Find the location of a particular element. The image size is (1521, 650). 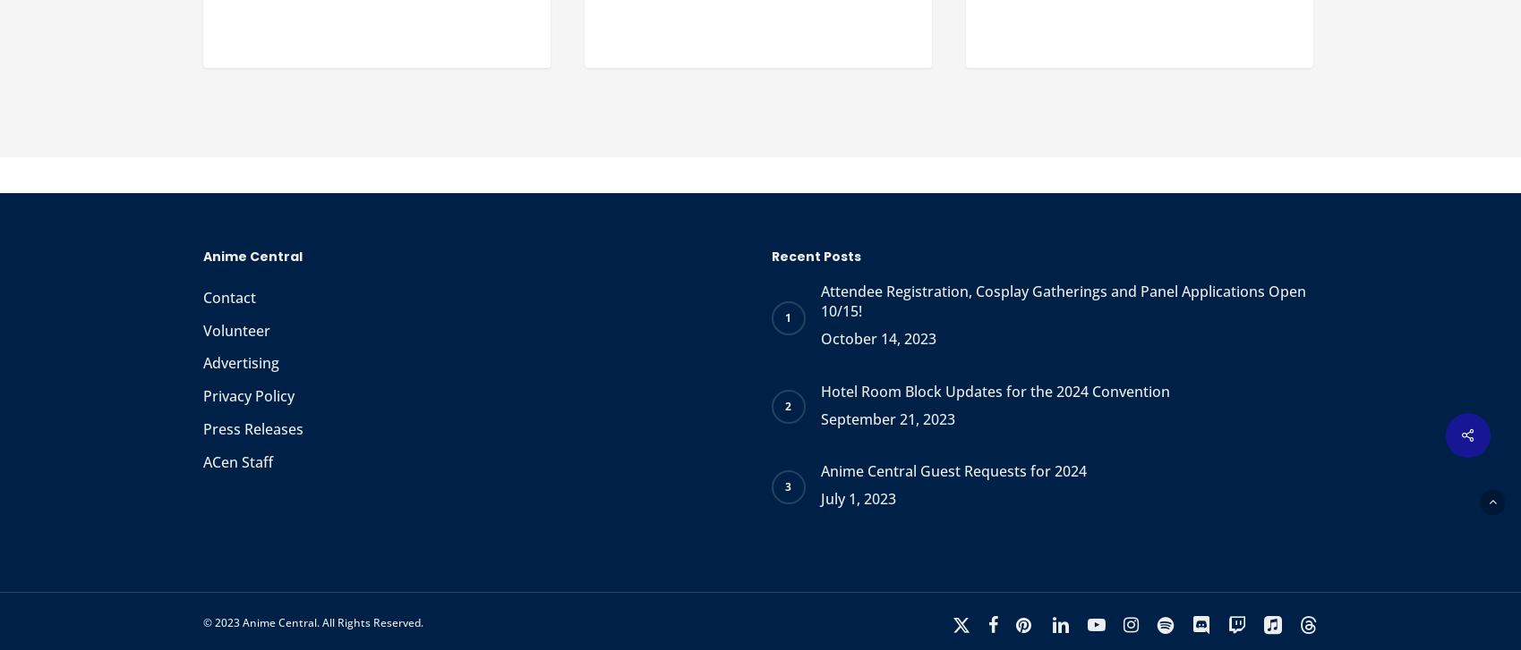

'Anime Central Guest Requests for 2024' is located at coordinates (952, 470).